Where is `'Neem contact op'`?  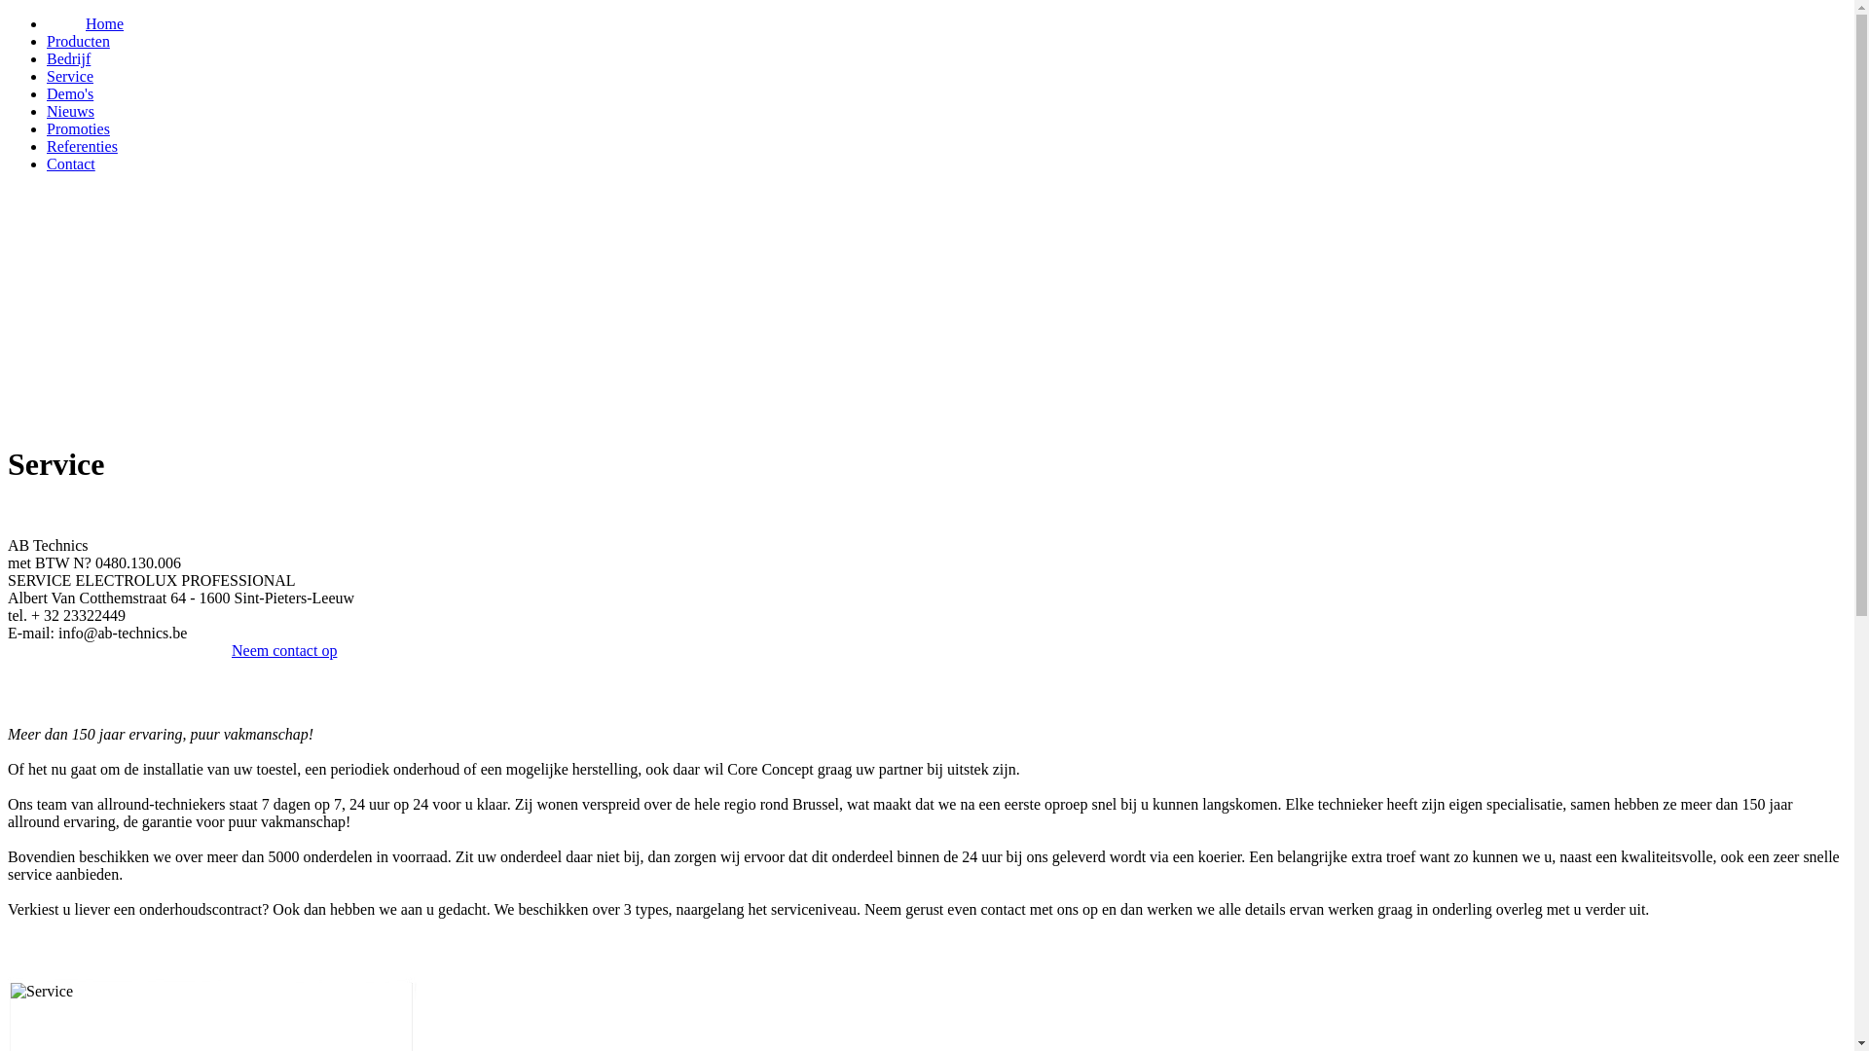
'Neem contact op' is located at coordinates (283, 650).